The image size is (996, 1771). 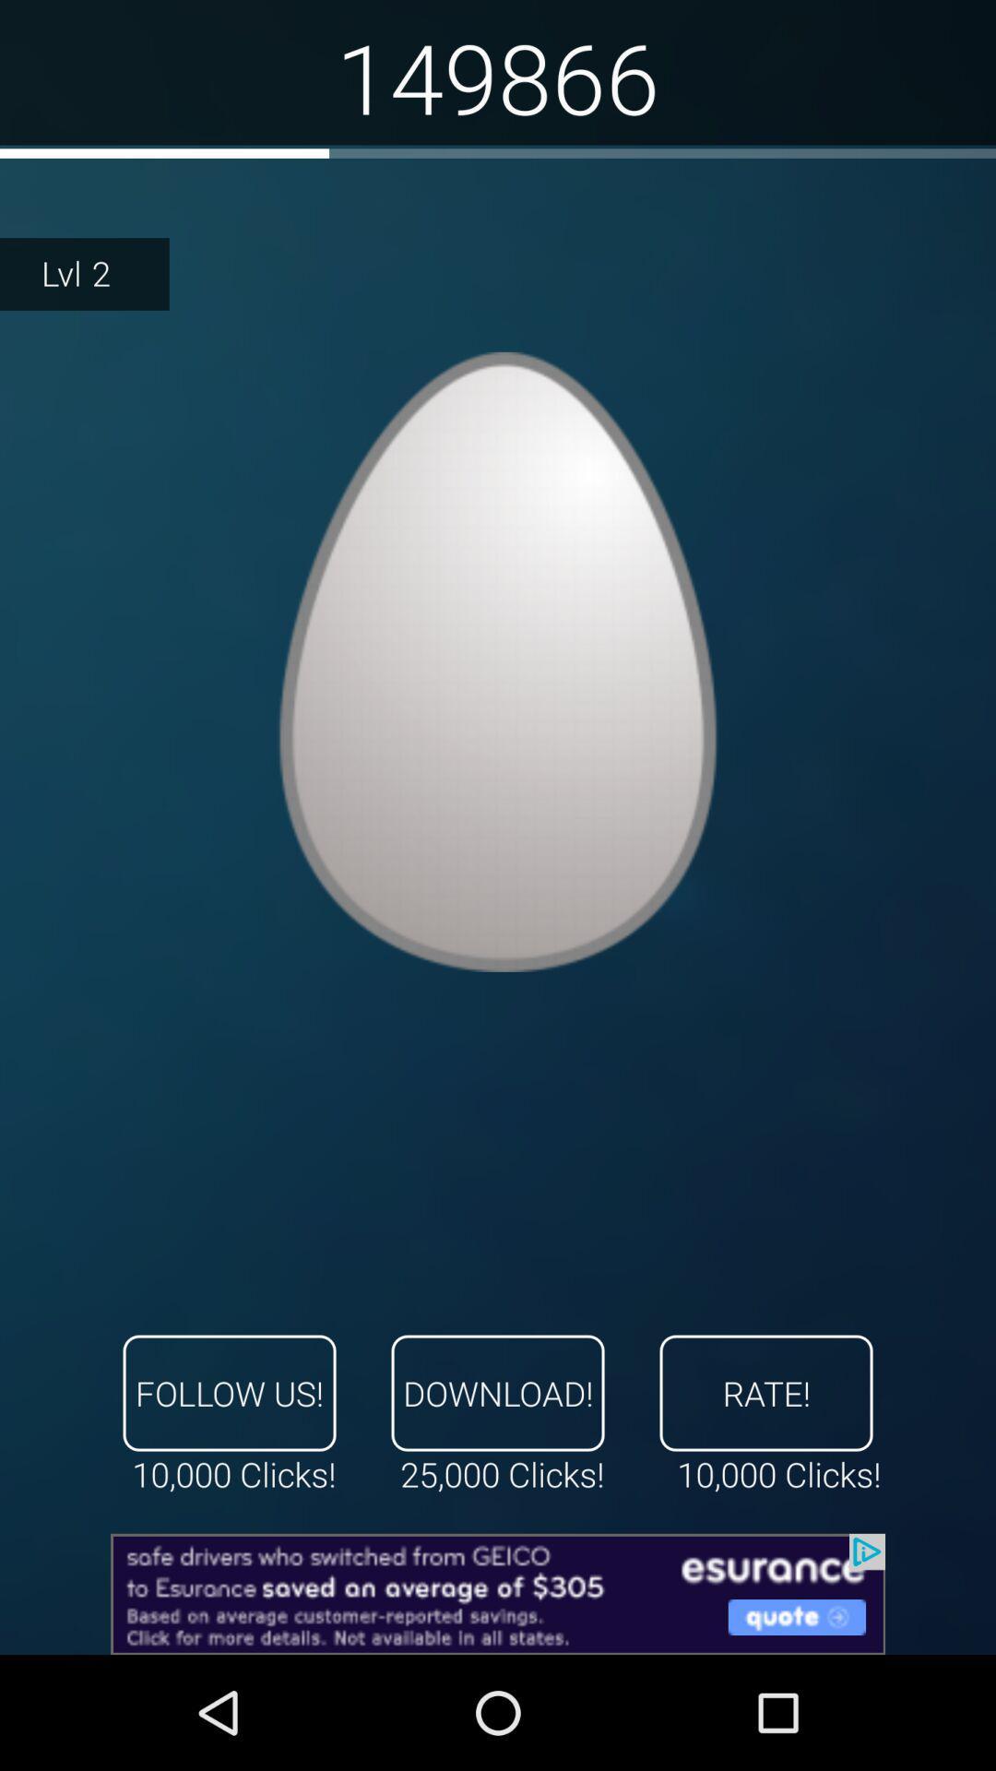 I want to click on screen page, so click(x=498, y=661).